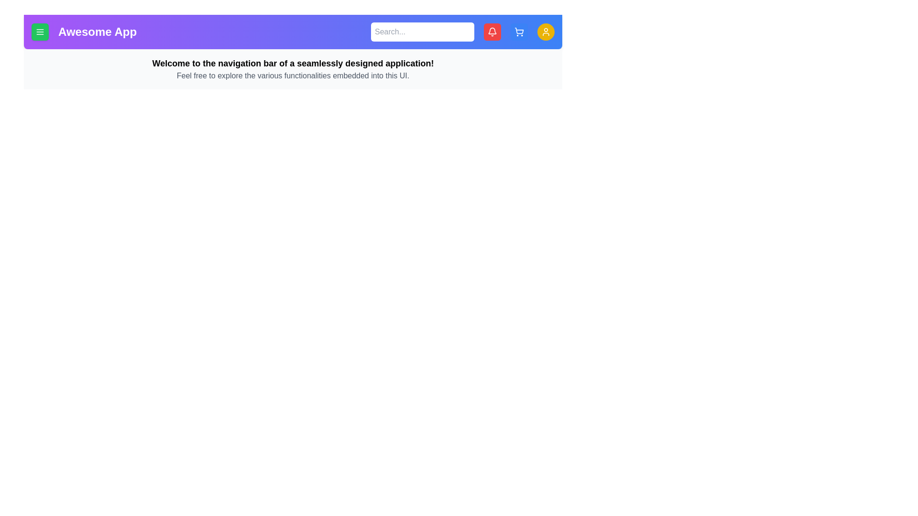  I want to click on the button with profile to view its hover effect, so click(546, 31).